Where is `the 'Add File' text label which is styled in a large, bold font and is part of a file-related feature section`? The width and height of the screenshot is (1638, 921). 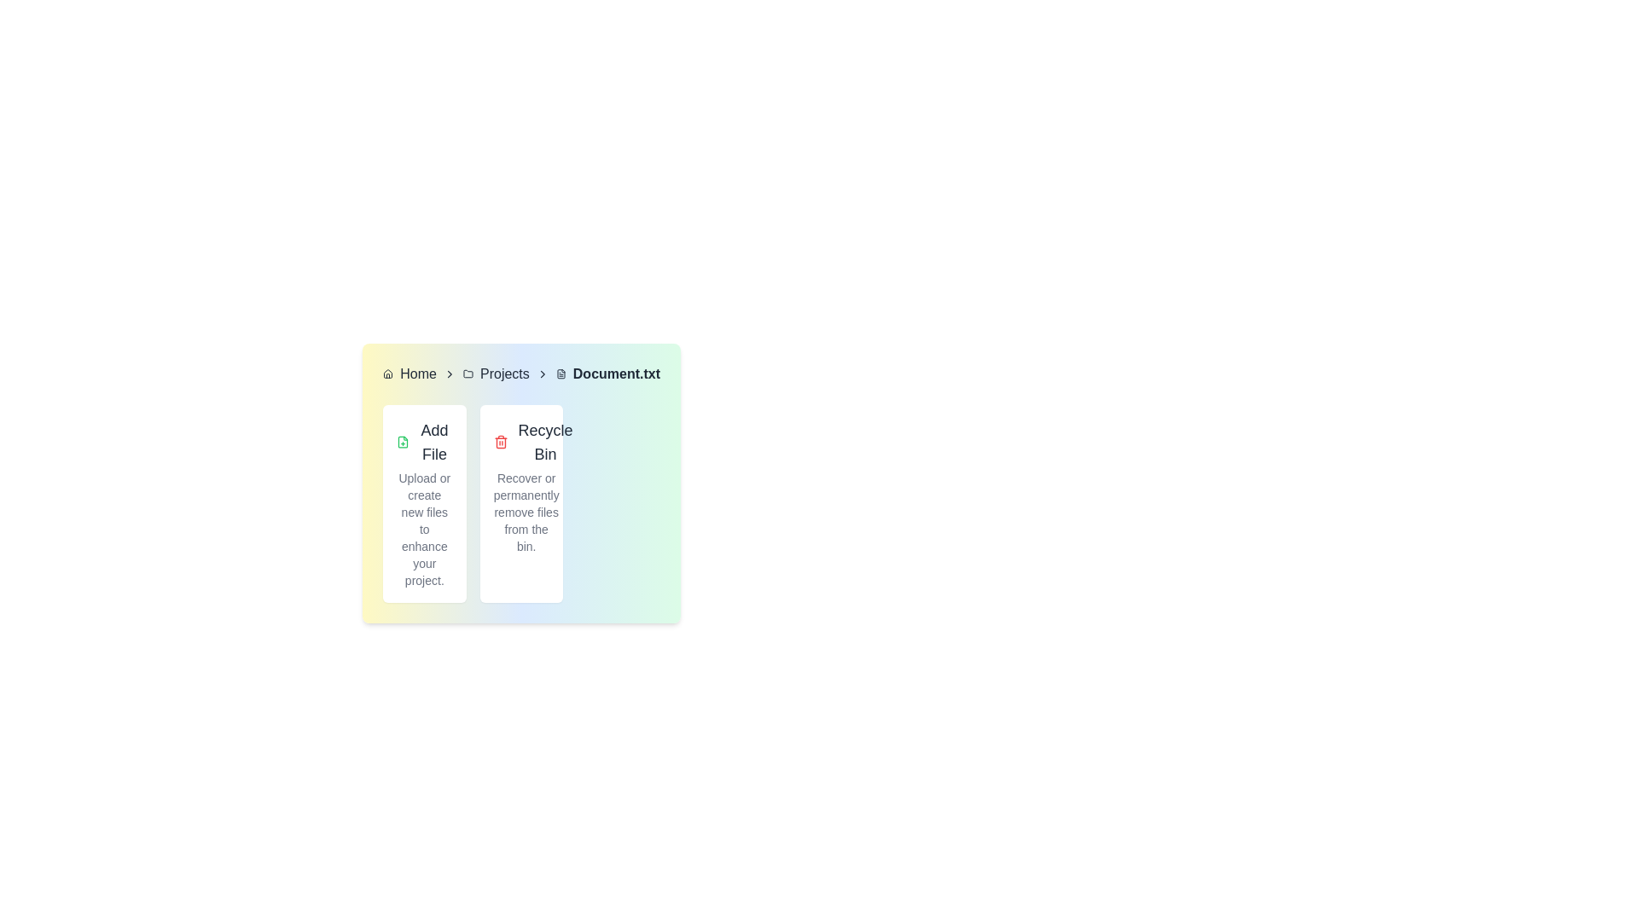
the 'Add File' text label which is styled in a large, bold font and is part of a file-related feature section is located at coordinates (433, 442).